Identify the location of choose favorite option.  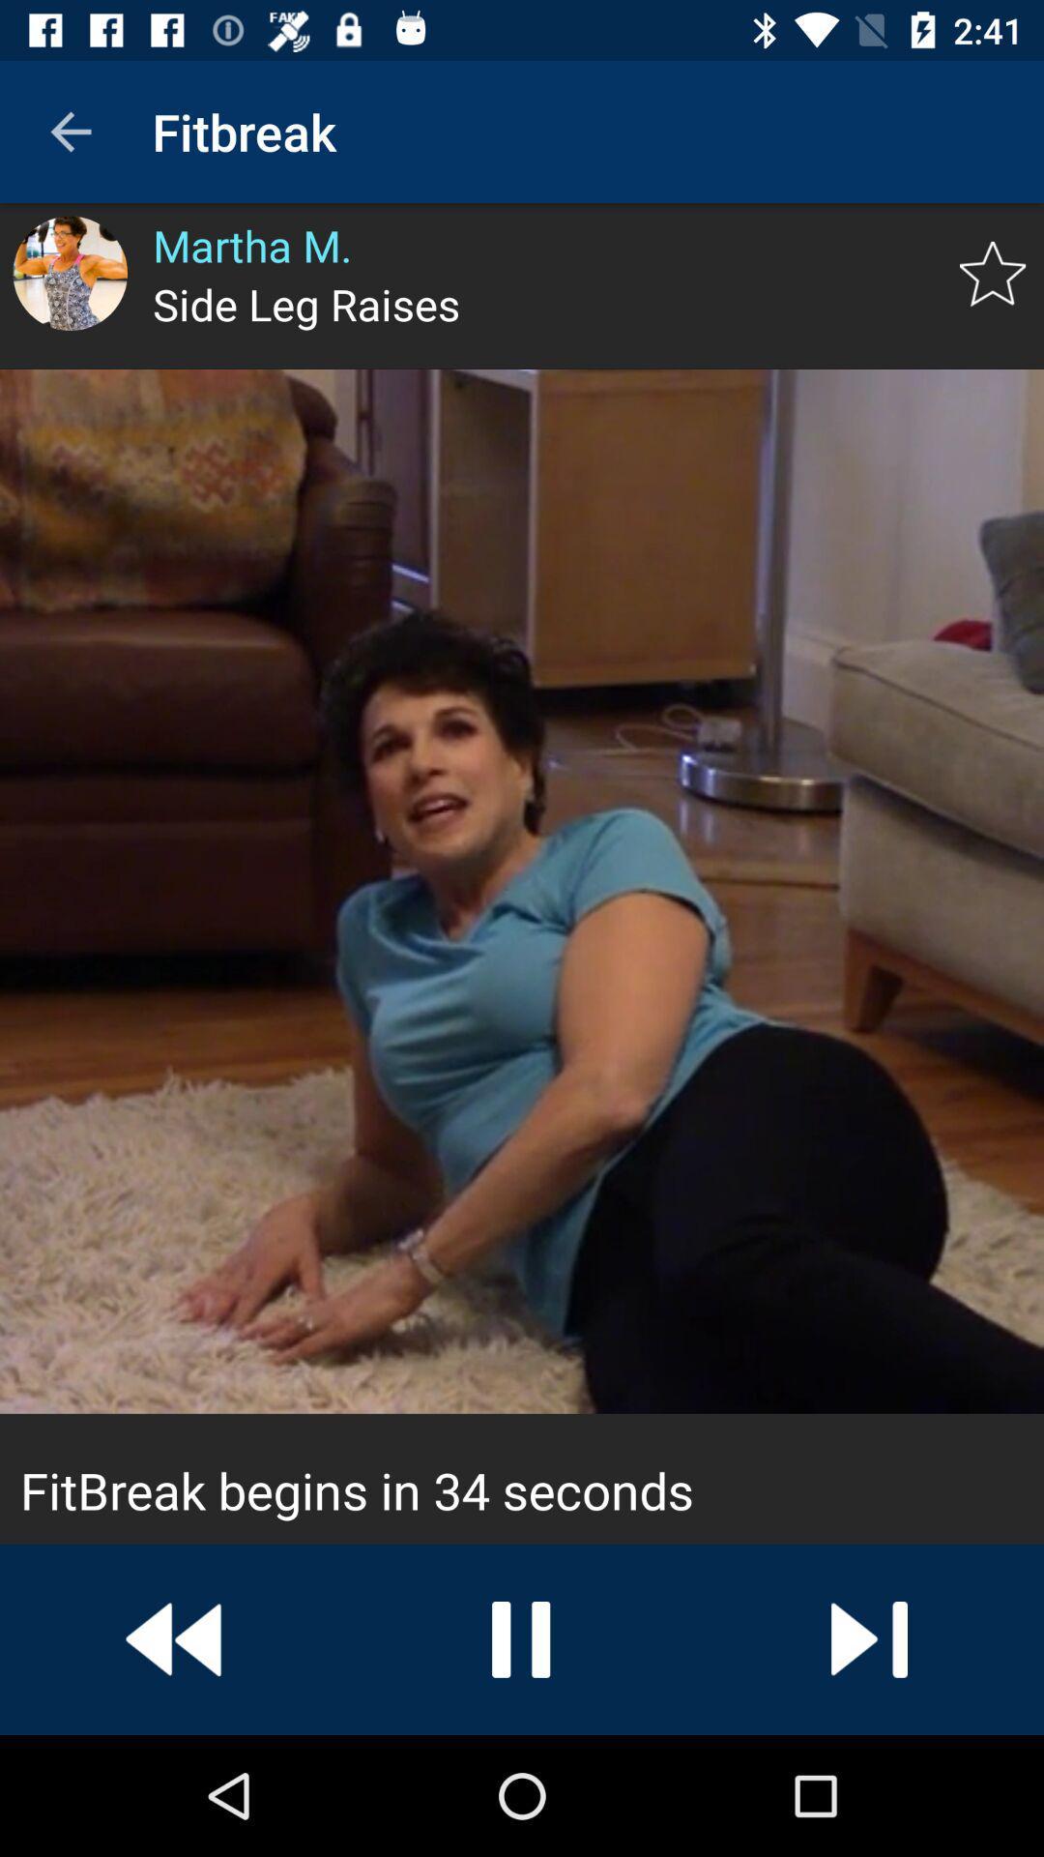
(993, 273).